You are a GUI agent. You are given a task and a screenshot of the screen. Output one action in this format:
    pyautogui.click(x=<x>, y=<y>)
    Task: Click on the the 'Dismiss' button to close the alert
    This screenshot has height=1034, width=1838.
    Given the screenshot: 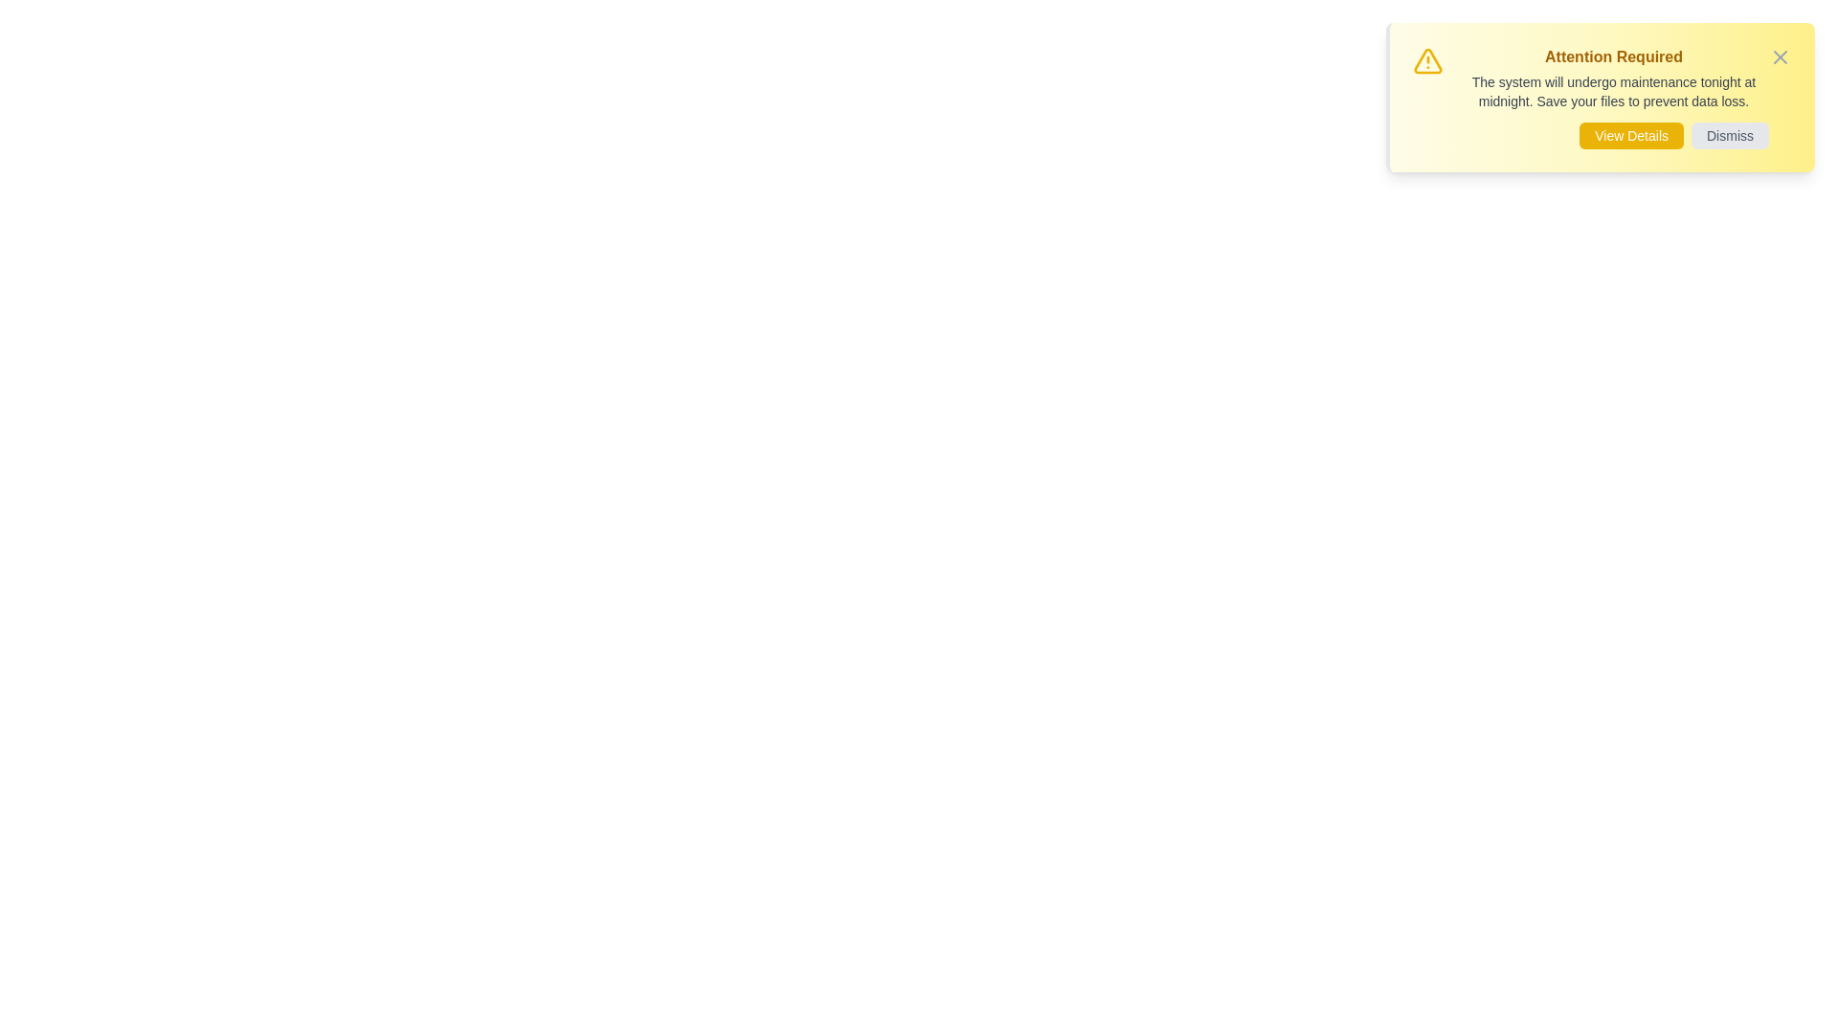 What is the action you would take?
    pyautogui.click(x=1730, y=135)
    